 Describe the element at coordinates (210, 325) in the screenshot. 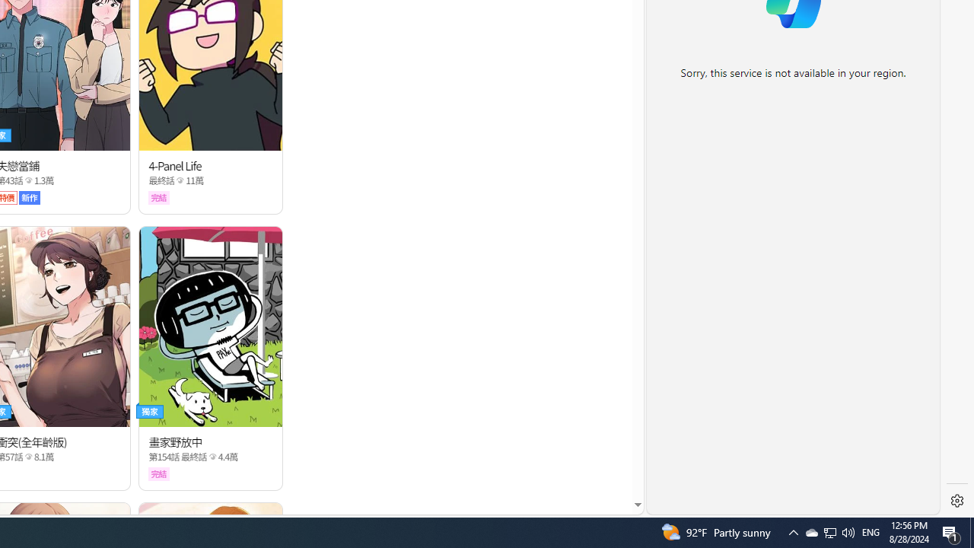

I see `'Class: thumb_img'` at that location.